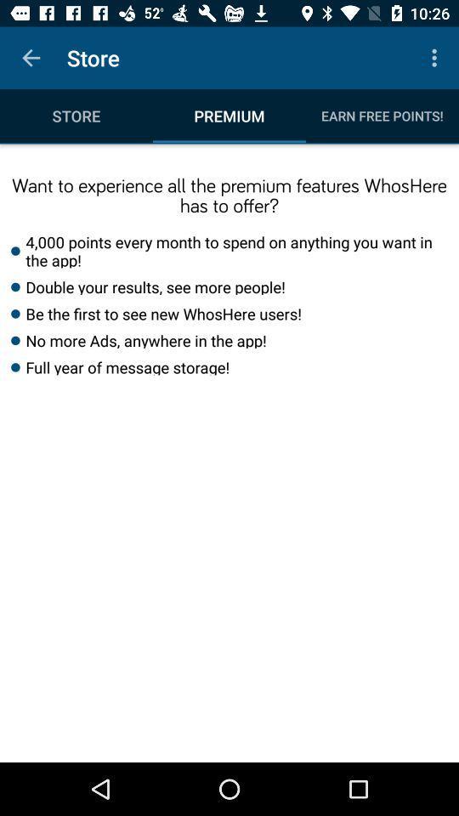 Image resolution: width=459 pixels, height=816 pixels. I want to click on the item above the store item, so click(31, 58).